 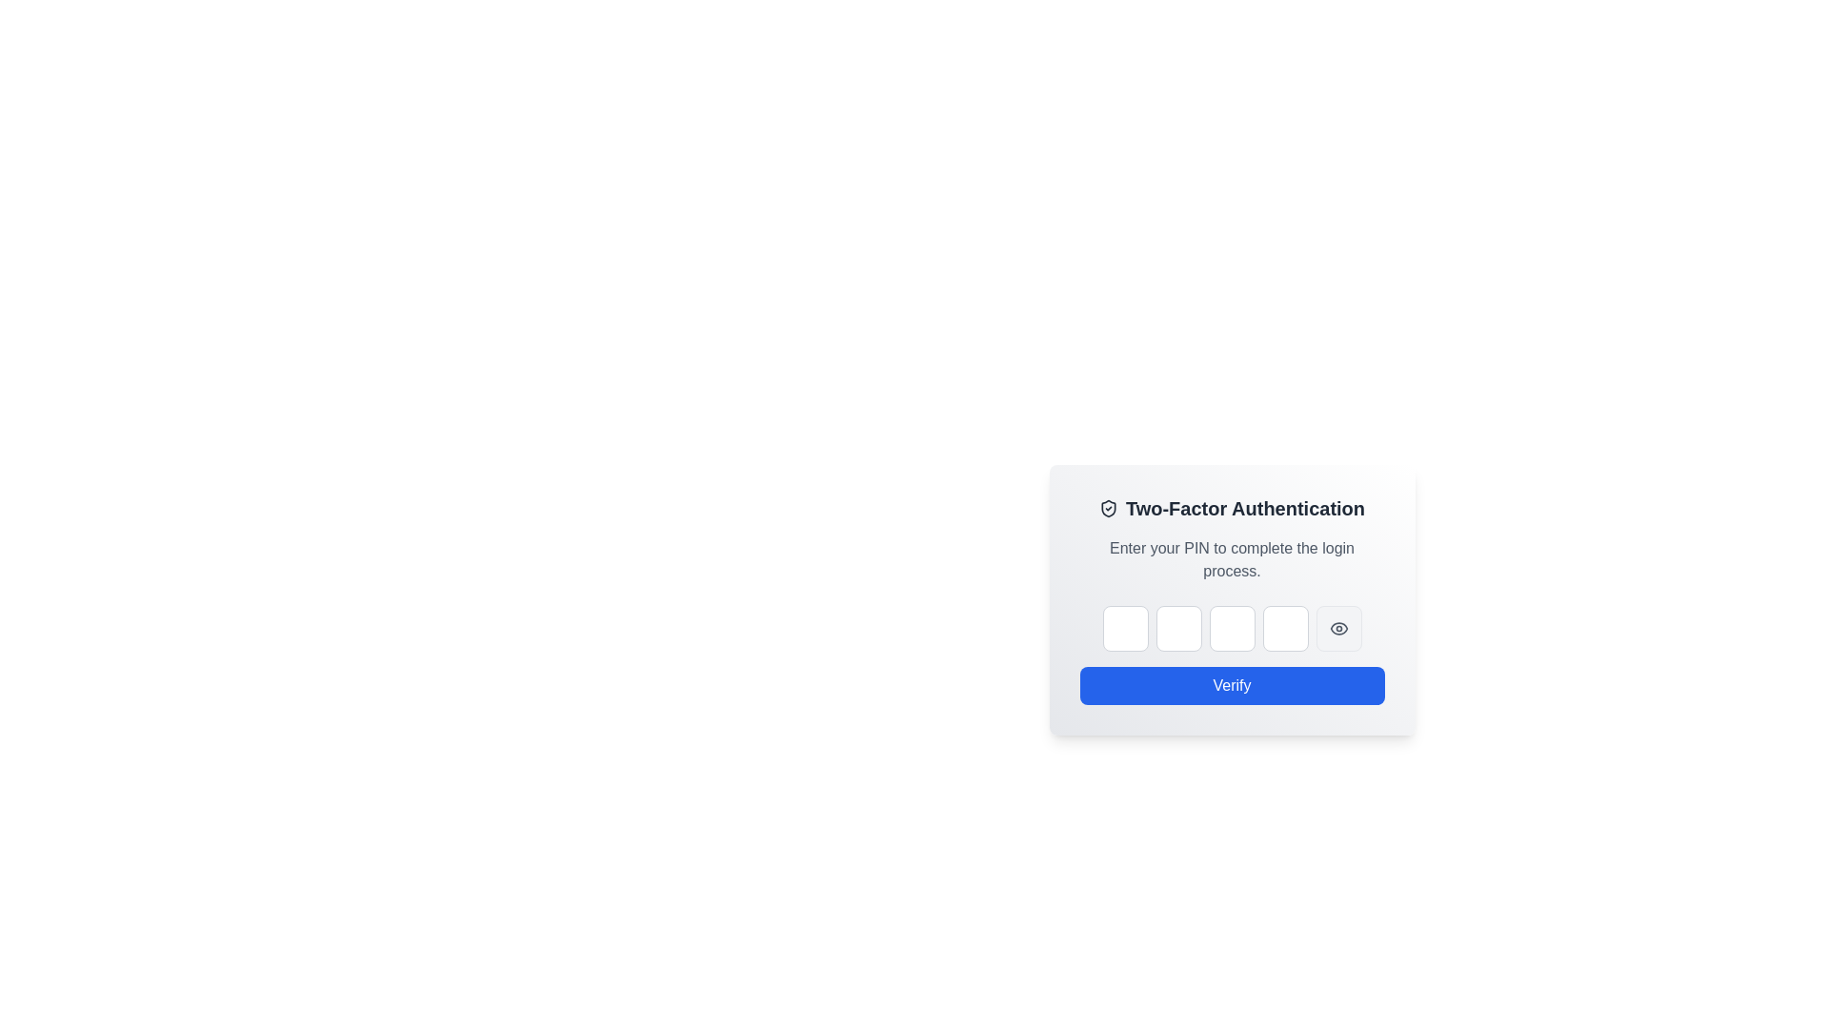 I want to click on the center ellipse shape of the eye icon, which represents the iris, located to the right of the pin input fields, so click(x=1337, y=628).